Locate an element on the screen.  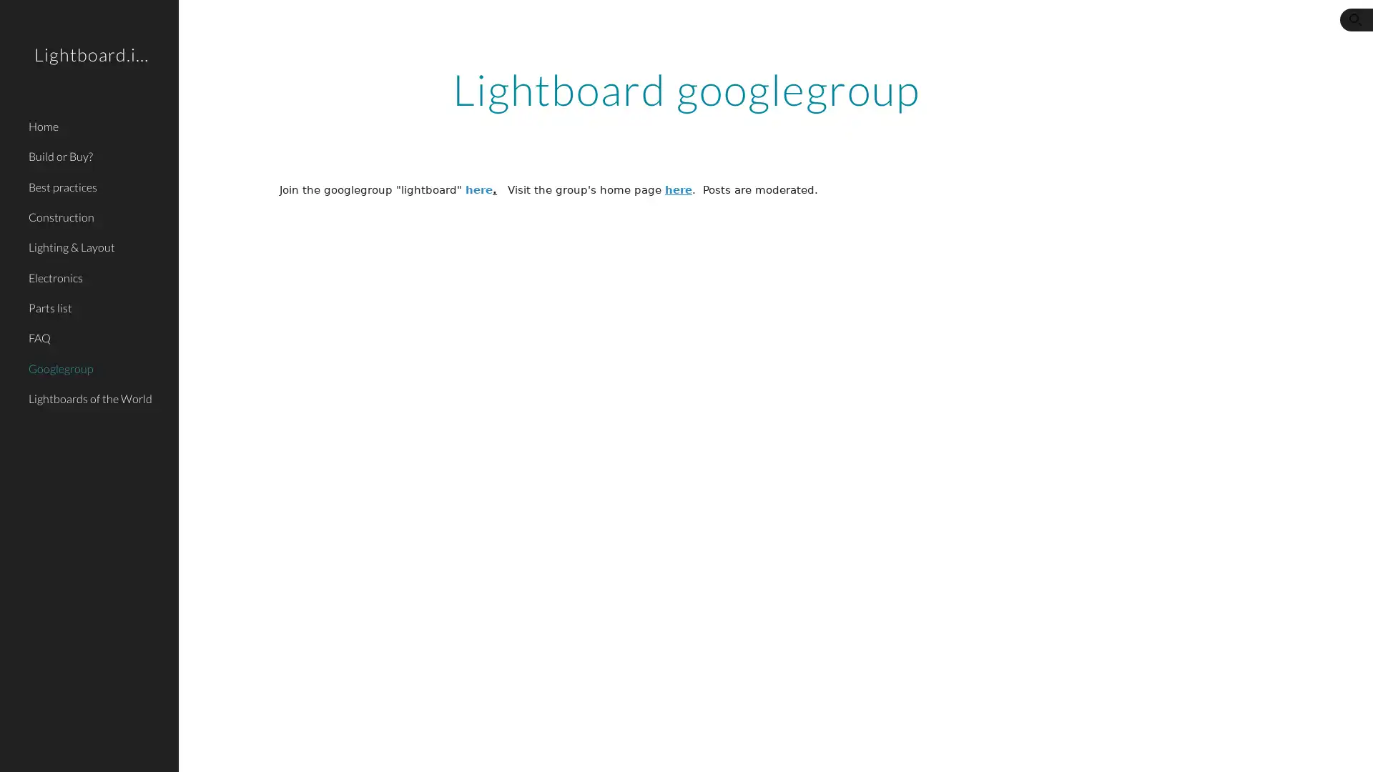
Skip to navigation is located at coordinates (815, 26).